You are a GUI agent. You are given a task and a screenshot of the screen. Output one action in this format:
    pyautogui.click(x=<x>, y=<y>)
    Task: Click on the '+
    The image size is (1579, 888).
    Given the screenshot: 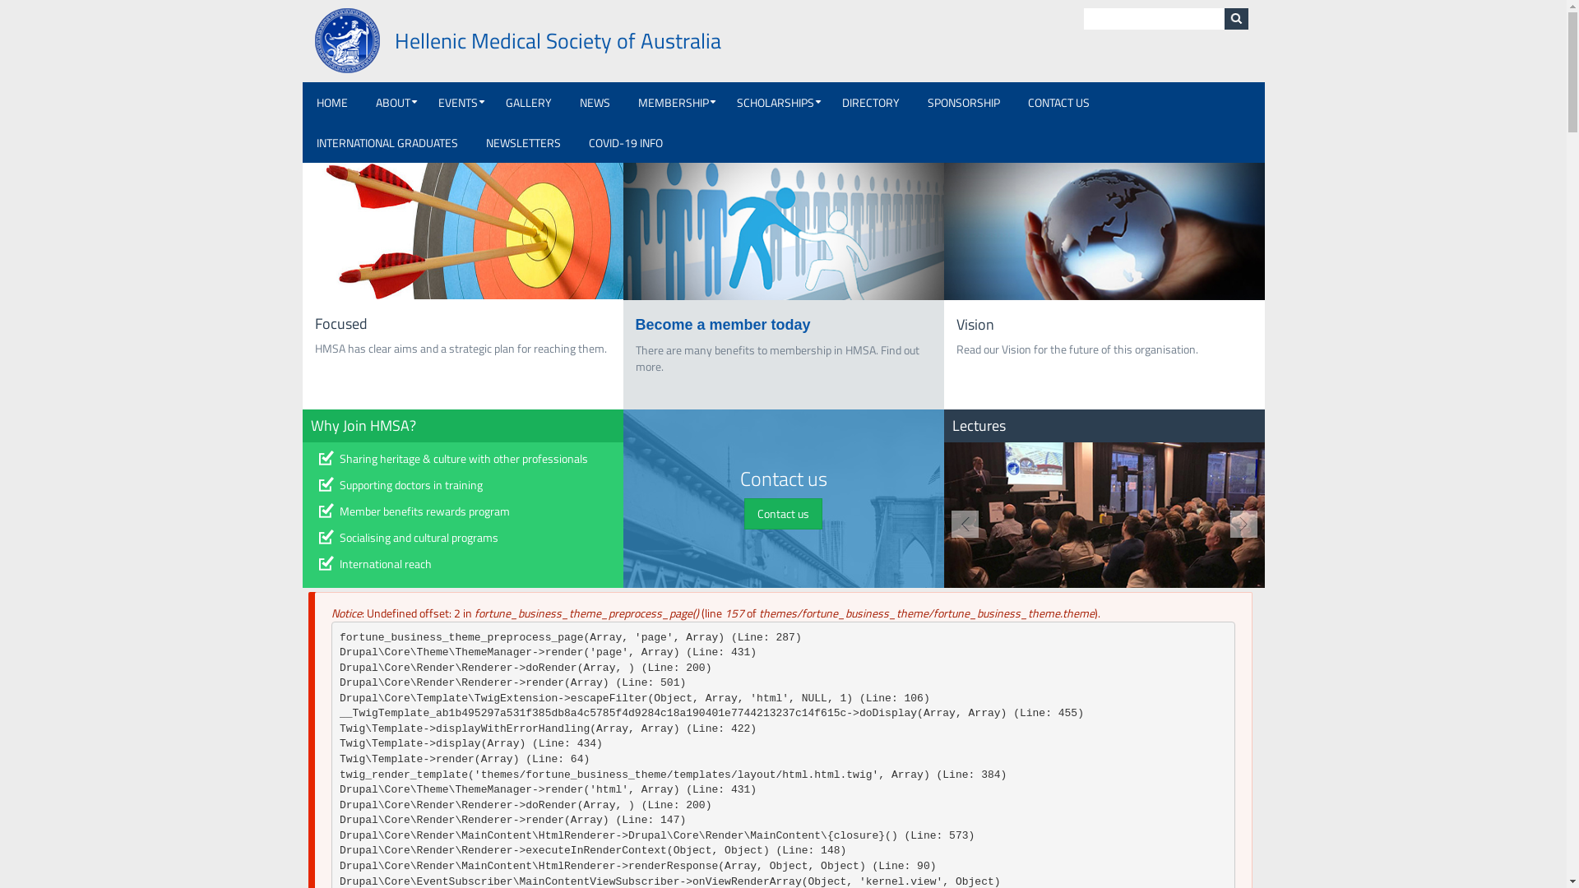 What is the action you would take?
    pyautogui.click(x=623, y=102)
    